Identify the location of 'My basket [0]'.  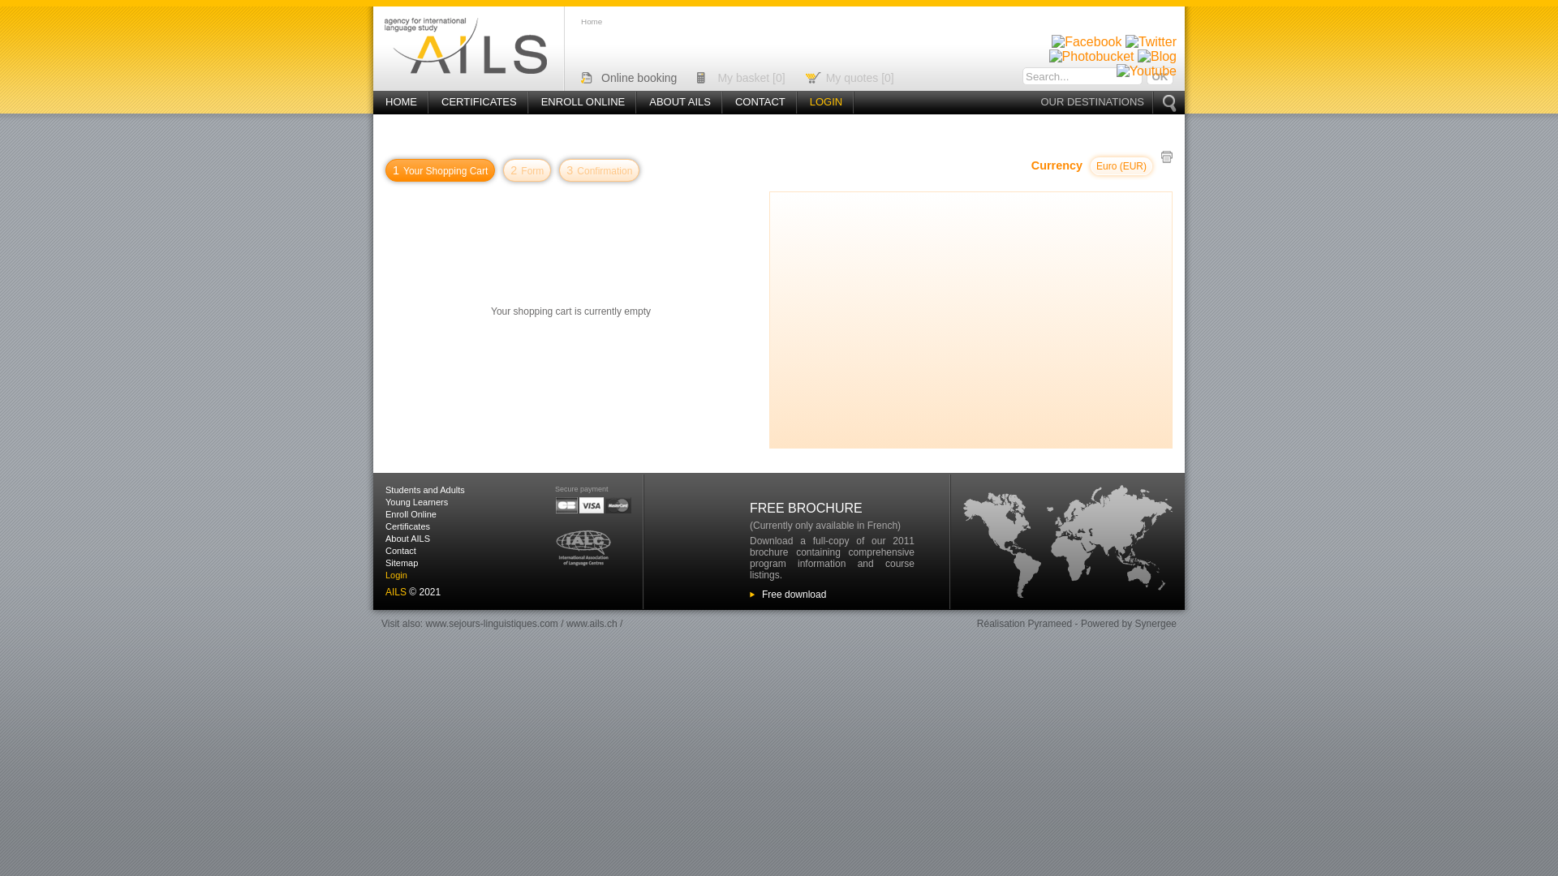
(750, 78).